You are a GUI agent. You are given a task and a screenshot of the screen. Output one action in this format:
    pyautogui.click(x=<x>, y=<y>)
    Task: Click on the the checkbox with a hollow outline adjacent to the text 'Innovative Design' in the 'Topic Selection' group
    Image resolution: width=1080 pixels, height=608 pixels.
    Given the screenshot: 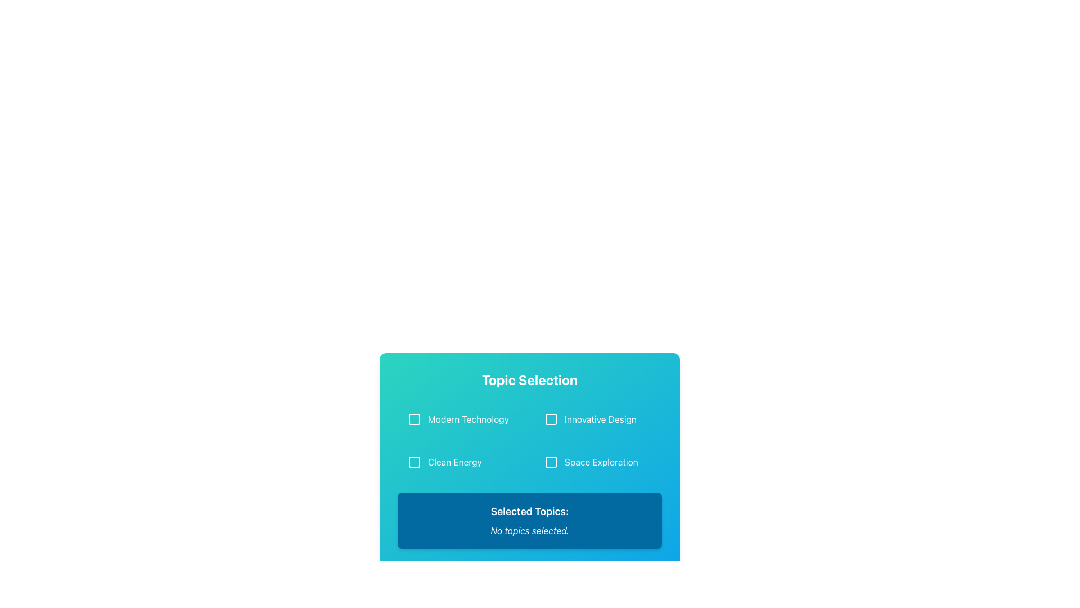 What is the action you would take?
    pyautogui.click(x=551, y=419)
    